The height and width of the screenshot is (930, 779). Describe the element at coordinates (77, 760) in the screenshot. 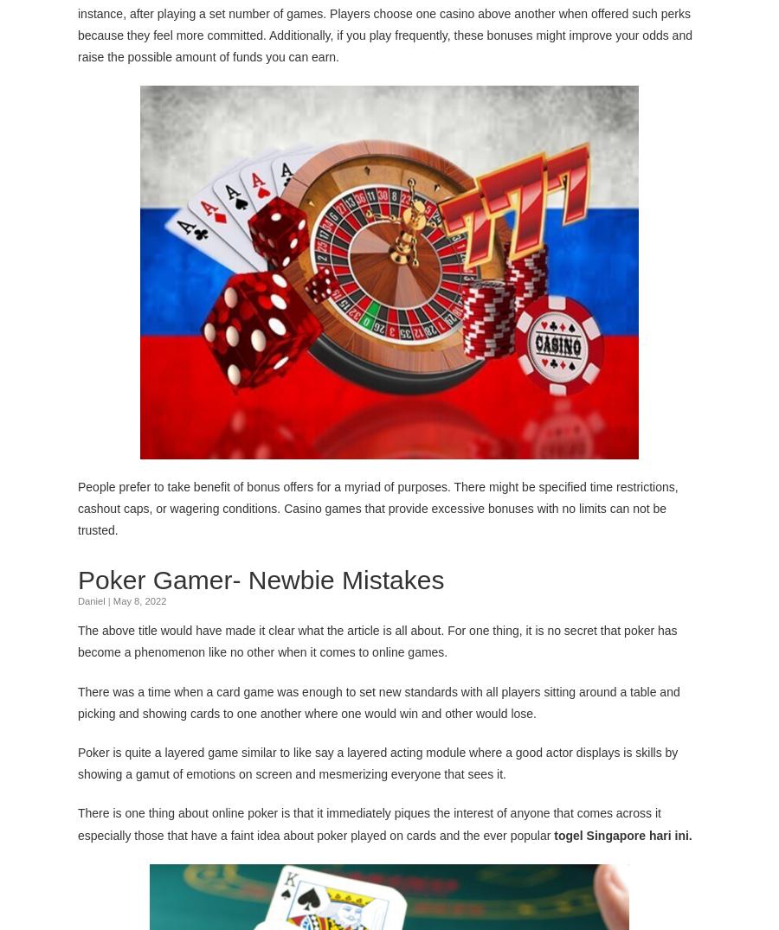

I see `'Poker is quite a layered game similar to like say a layered acting module where a good actor displays is skills by showing a gamut of emotions on screen and mesmerizing everyone that sees it.'` at that location.